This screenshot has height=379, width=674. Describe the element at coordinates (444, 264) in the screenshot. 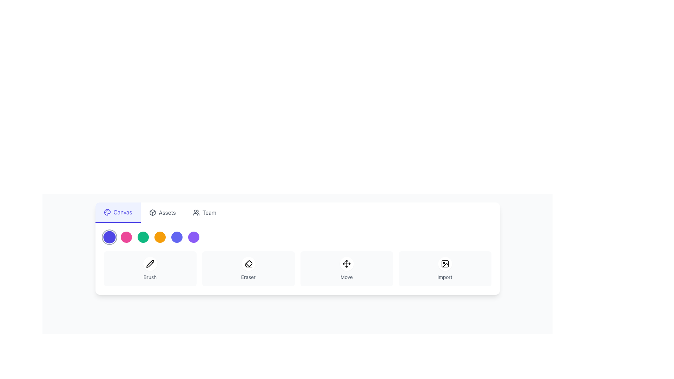

I see `the rightmost icon in the last row of the toolset panel, which represents an image file with a mountain and a circular sun or moon inside` at that location.